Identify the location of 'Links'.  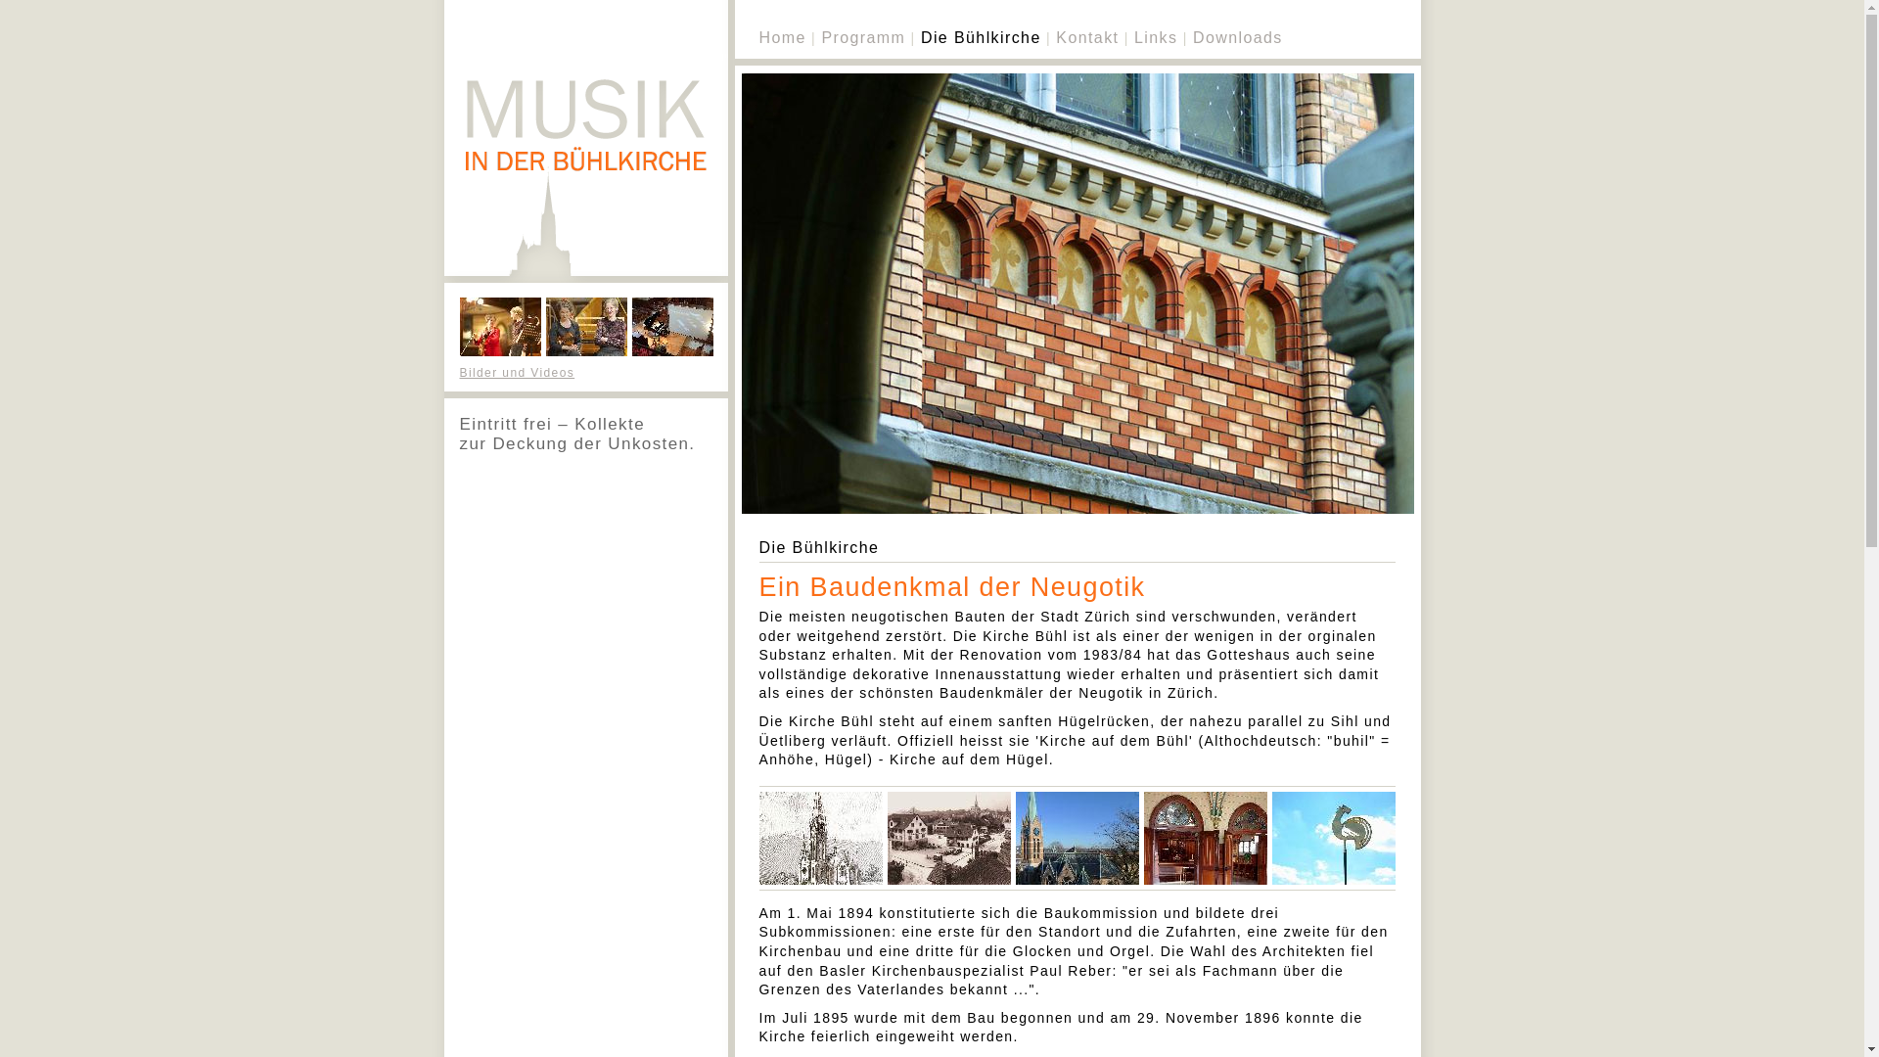
(1155, 37).